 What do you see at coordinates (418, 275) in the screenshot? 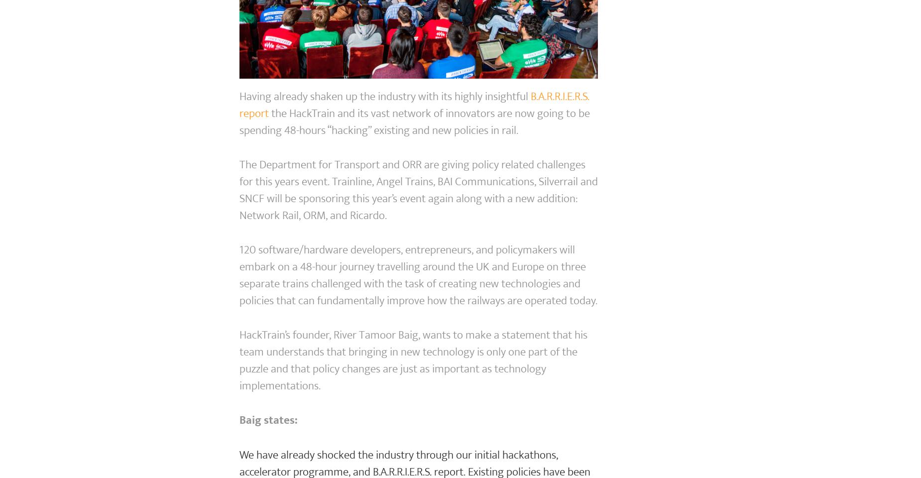
I see `'120 software/hardware developers, entrepreneurs, and policymakers will embark on a 48-hour journey travelling around the UK and Europe on three separate trains challenged with the task of creating new technologies and policies that can fundamentally improve how the railways are operated today.'` at bounding box center [418, 275].